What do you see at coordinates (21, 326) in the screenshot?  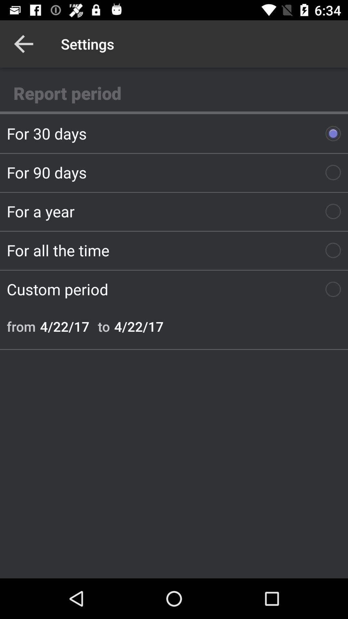 I see `the icon below the custom period item` at bounding box center [21, 326].